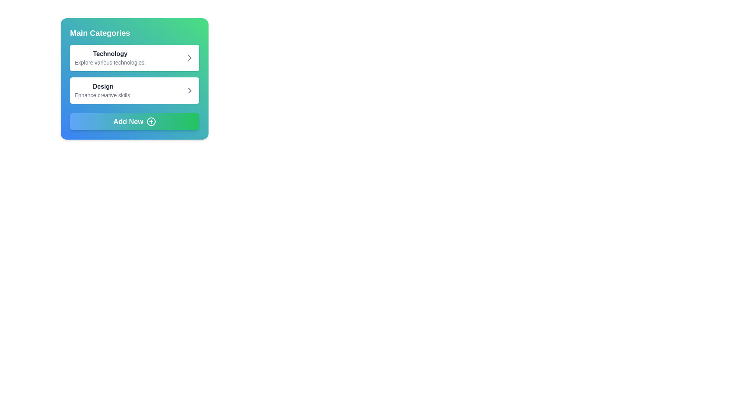 The width and height of the screenshot is (747, 420). I want to click on the second and smaller chevron icon located to the far-right of the 'Design' section in the 'Main Categories' panel, so click(190, 90).